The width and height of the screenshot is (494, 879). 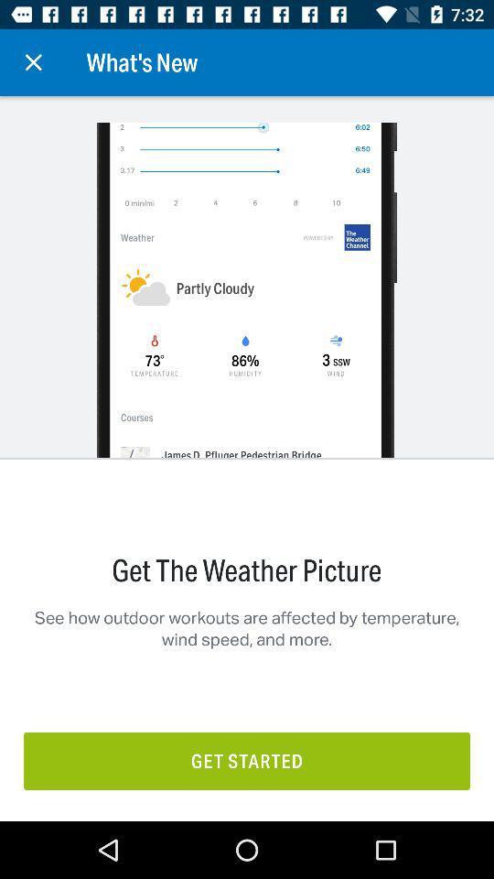 I want to click on the item next to the what's new icon, so click(x=33, y=62).